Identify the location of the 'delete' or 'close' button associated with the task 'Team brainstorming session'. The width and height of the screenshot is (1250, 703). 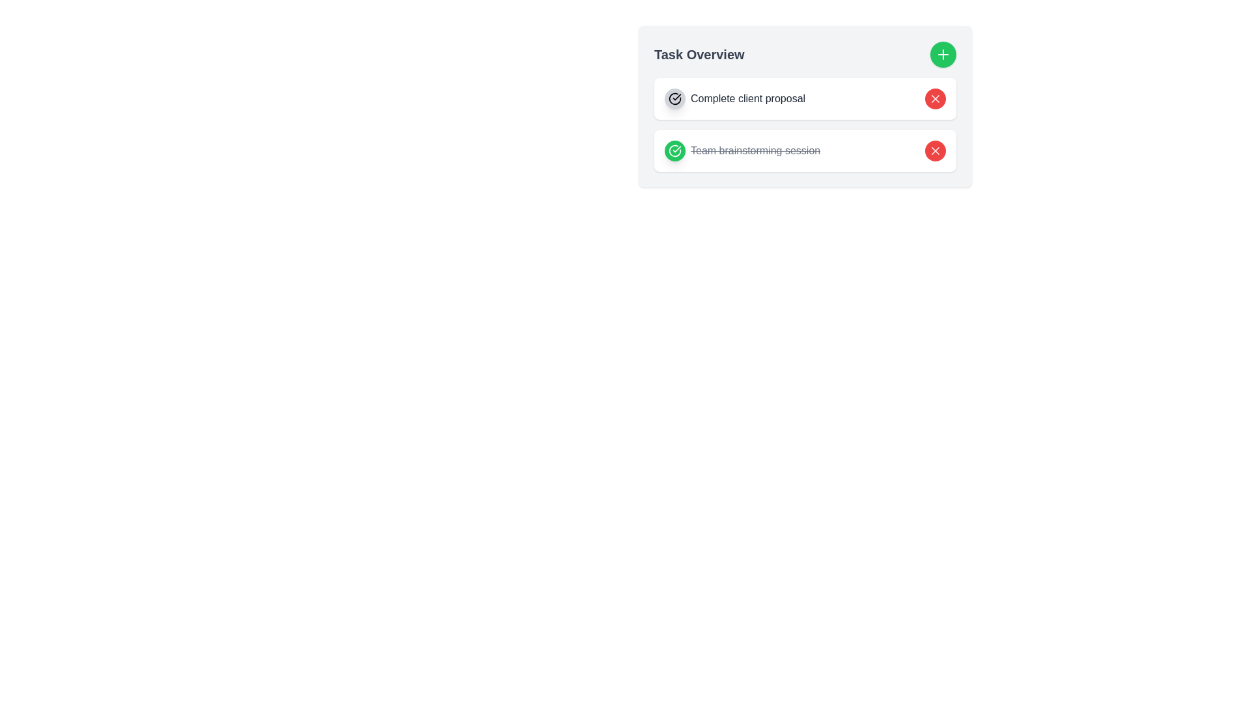
(934, 150).